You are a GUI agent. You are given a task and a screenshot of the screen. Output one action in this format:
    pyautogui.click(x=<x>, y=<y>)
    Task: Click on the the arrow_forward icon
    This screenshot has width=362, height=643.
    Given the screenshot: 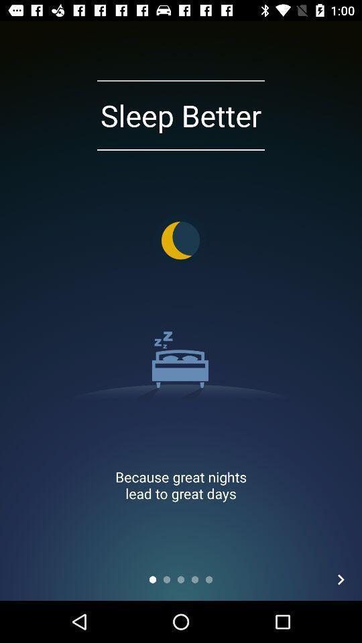 What is the action you would take?
    pyautogui.click(x=341, y=579)
    